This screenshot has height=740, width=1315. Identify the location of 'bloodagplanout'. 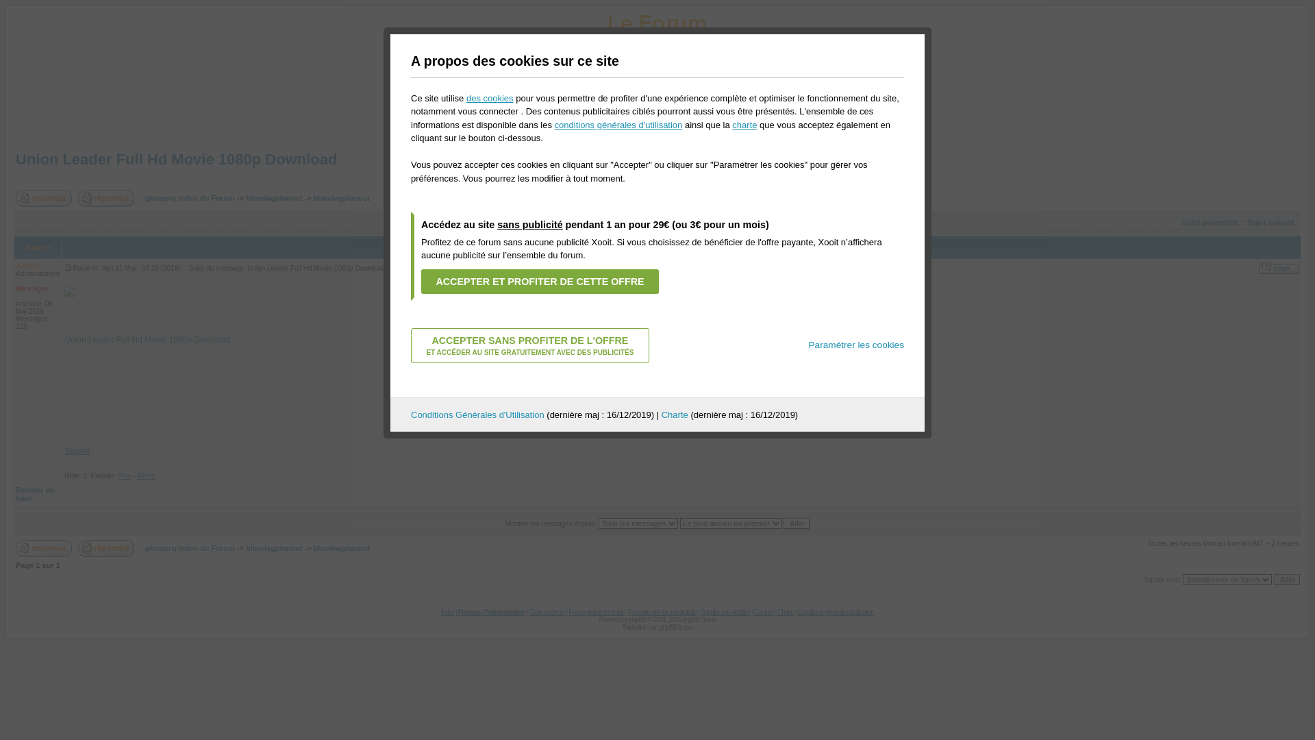
(273, 198).